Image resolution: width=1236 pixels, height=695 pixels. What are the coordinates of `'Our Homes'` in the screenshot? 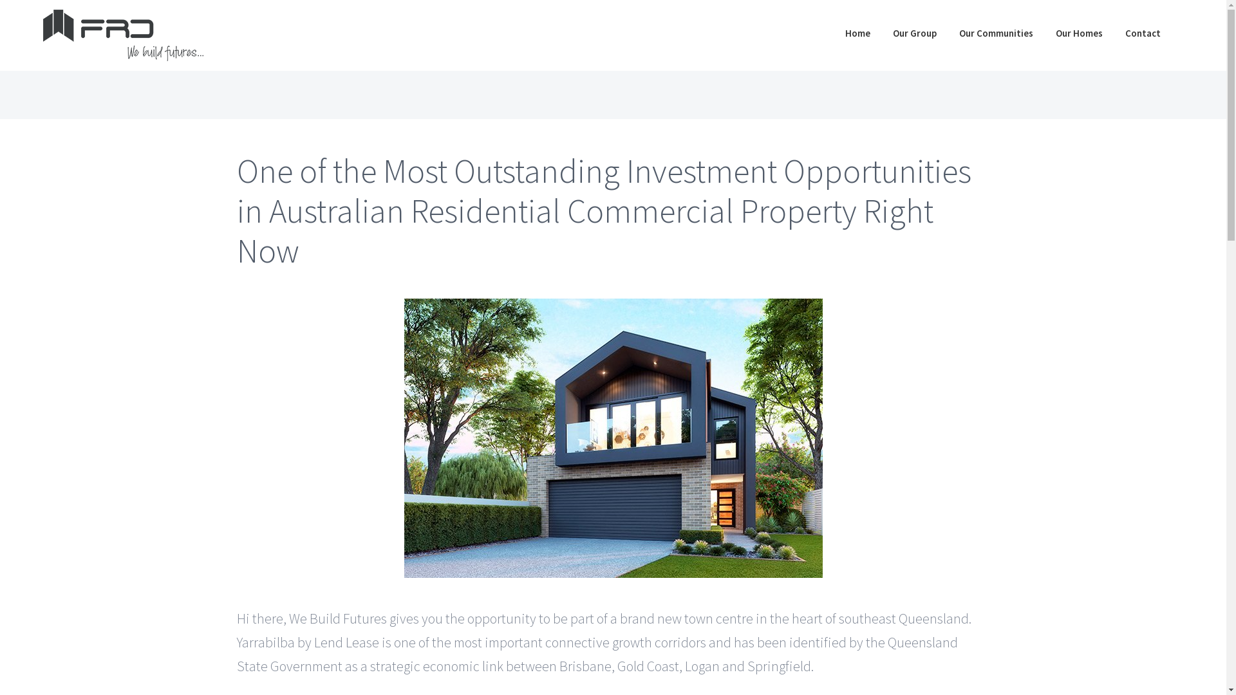 It's located at (1079, 32).